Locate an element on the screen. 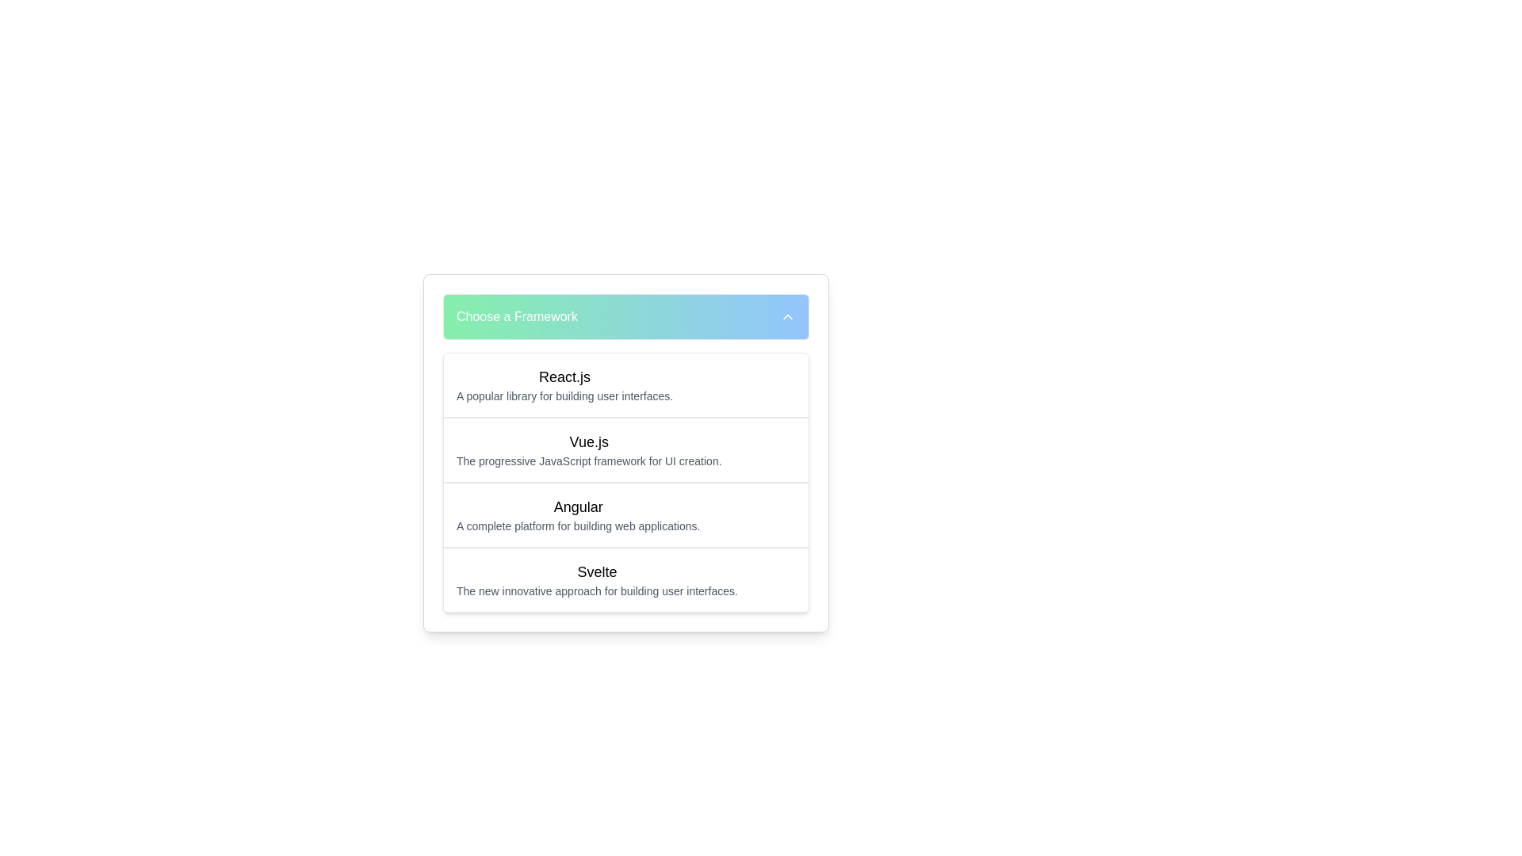 The height and width of the screenshot is (856, 1522). the title text label for 'Vue.js' located in the second item of the framework list, positioned between 'React.js' and 'Angular' is located at coordinates (588, 442).